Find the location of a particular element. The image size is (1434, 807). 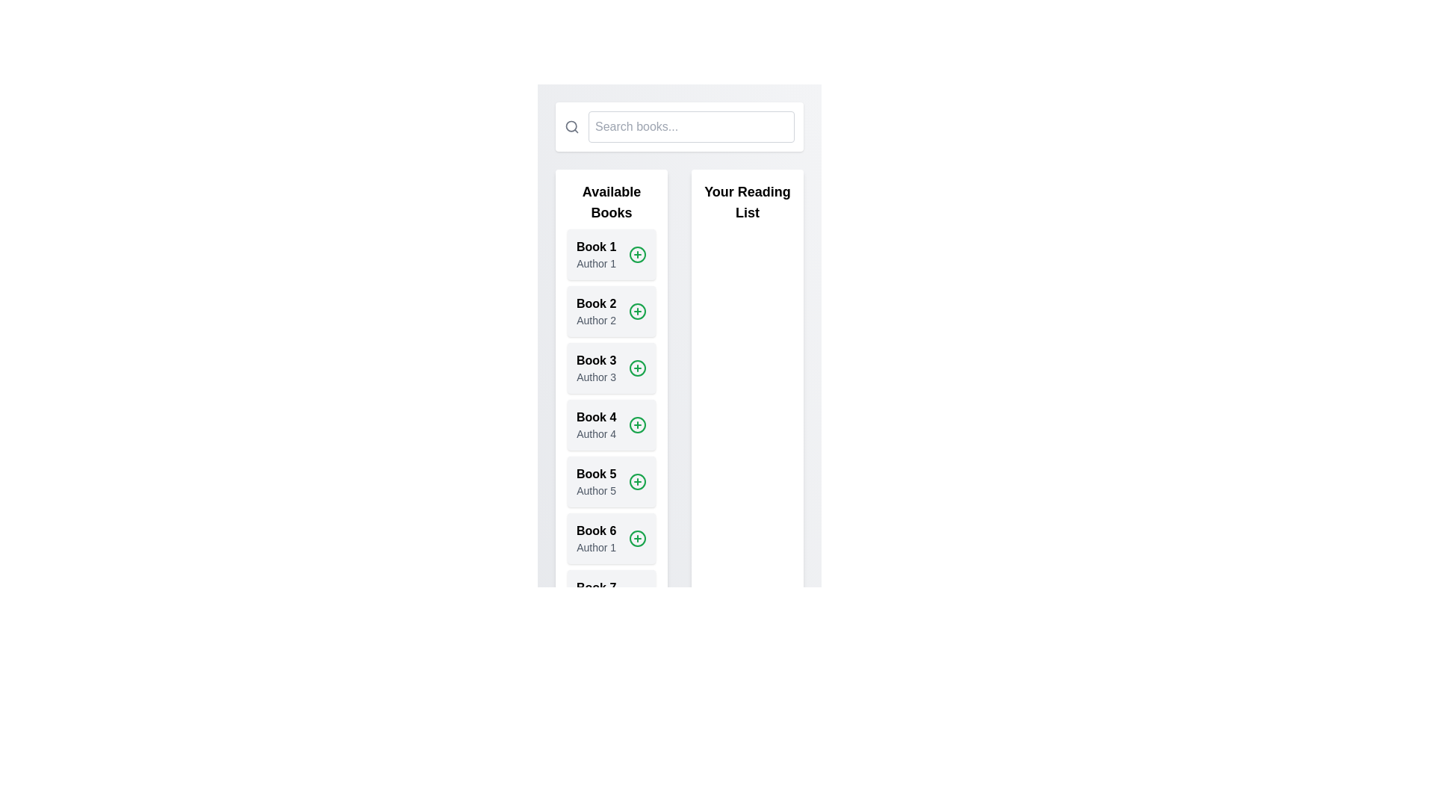

the interactive button is located at coordinates (638, 481).